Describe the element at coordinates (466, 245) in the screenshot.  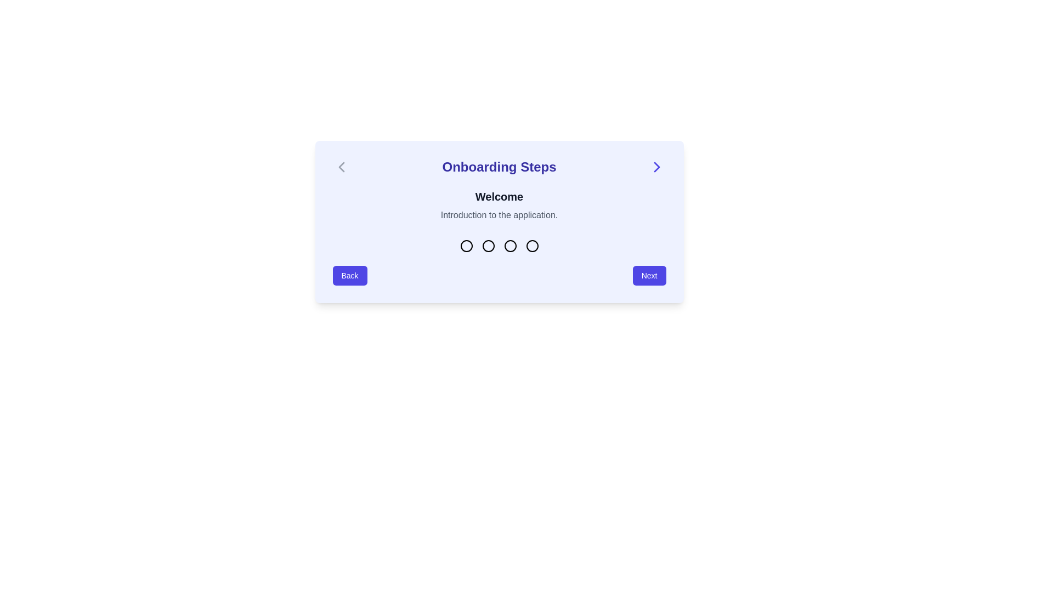
I see `the second circular indicator in the onboarding step indicator group, which visually represents the current step in the onboarding process` at that location.